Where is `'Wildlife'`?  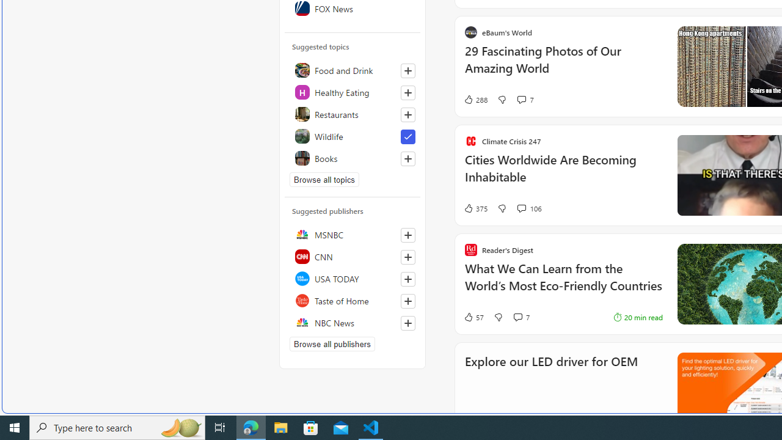
'Wildlife' is located at coordinates (352, 136).